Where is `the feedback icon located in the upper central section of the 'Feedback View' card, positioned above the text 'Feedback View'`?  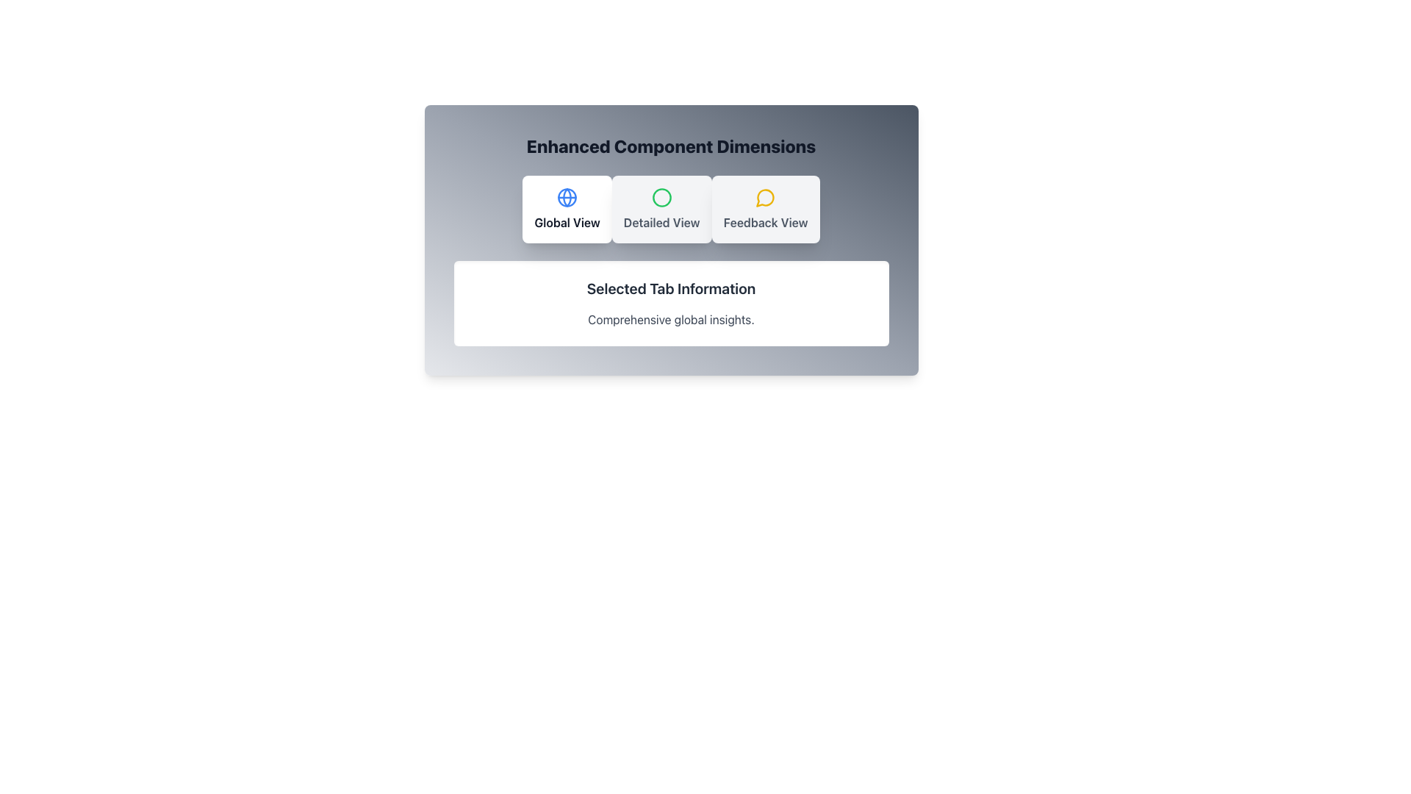 the feedback icon located in the upper central section of the 'Feedback View' card, positioned above the text 'Feedback View' is located at coordinates (764, 197).